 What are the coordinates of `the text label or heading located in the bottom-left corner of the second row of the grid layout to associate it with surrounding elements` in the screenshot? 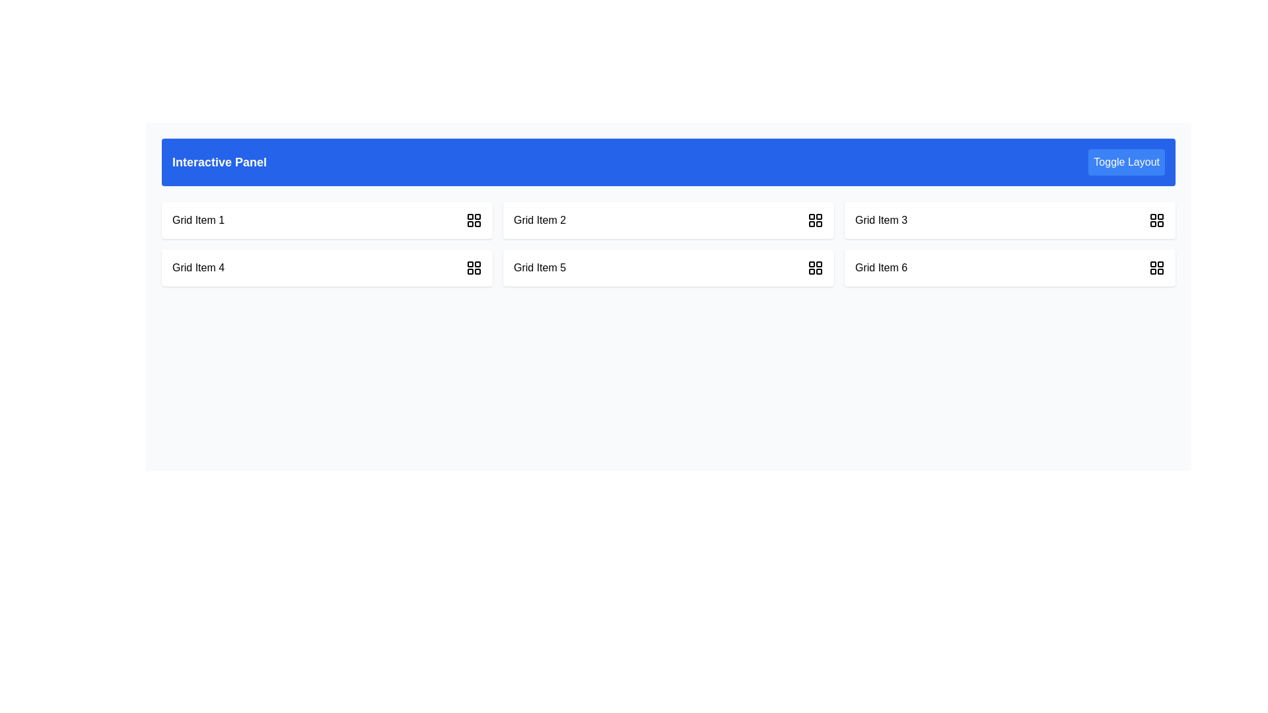 It's located at (540, 267).